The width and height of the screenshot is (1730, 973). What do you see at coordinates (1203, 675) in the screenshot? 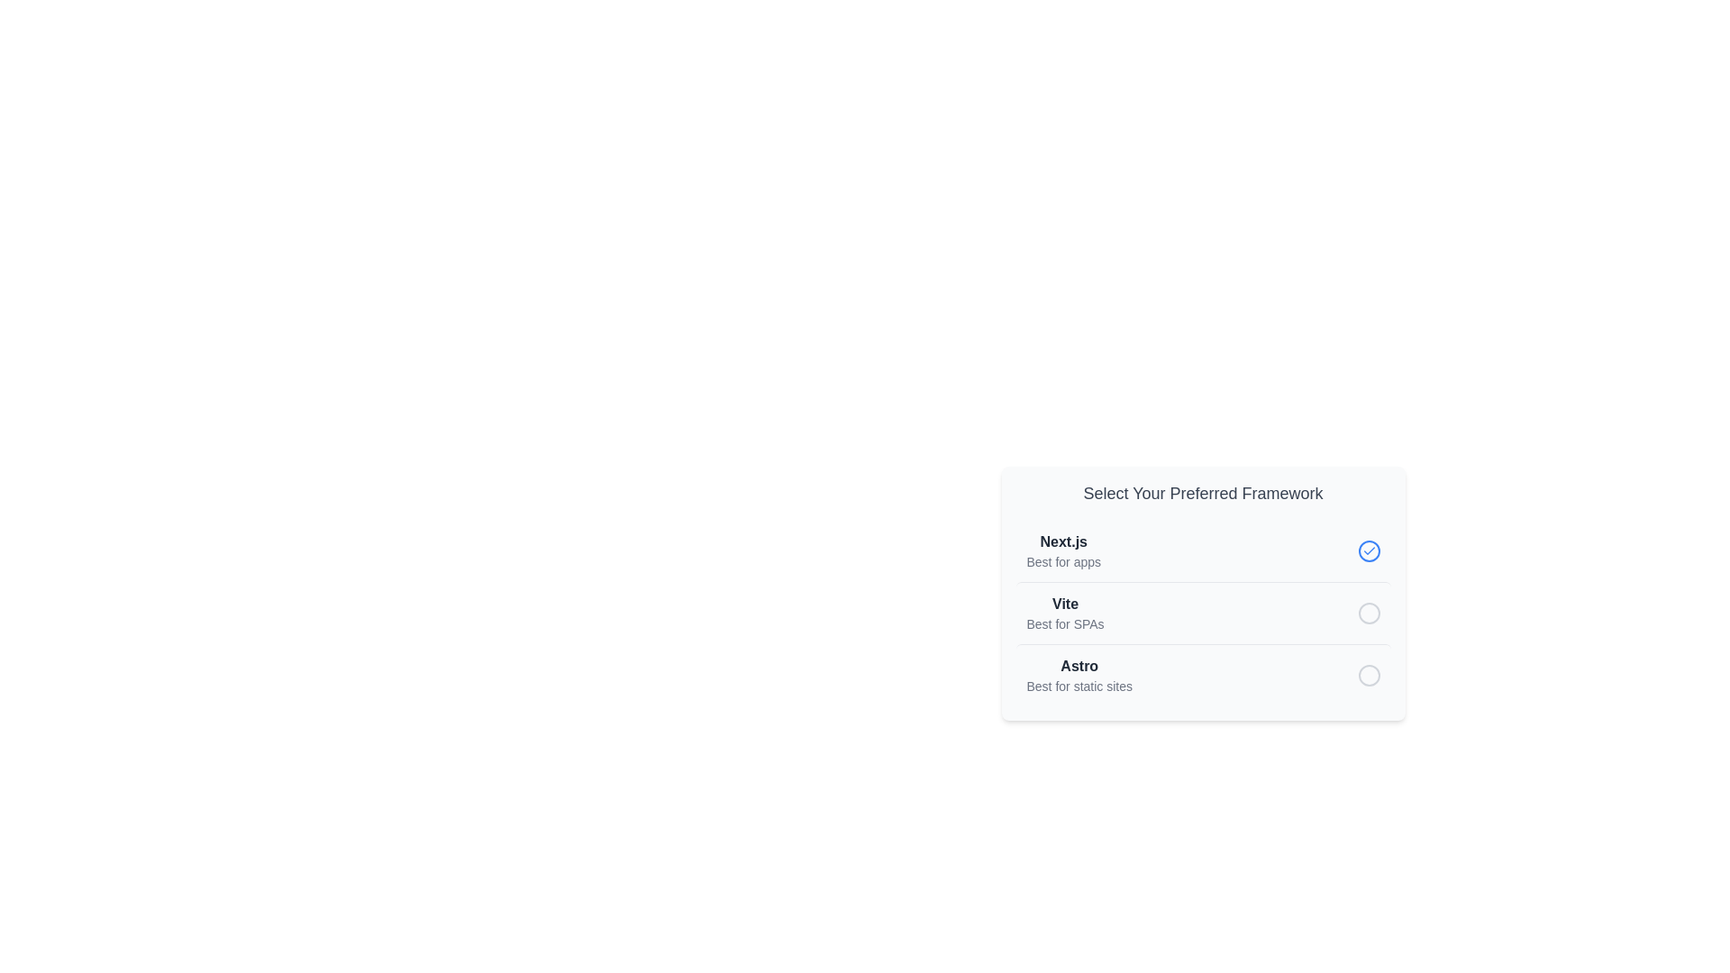
I see `the 'Astro' selectable option card, which is the last option in the list of framework options` at bounding box center [1203, 675].